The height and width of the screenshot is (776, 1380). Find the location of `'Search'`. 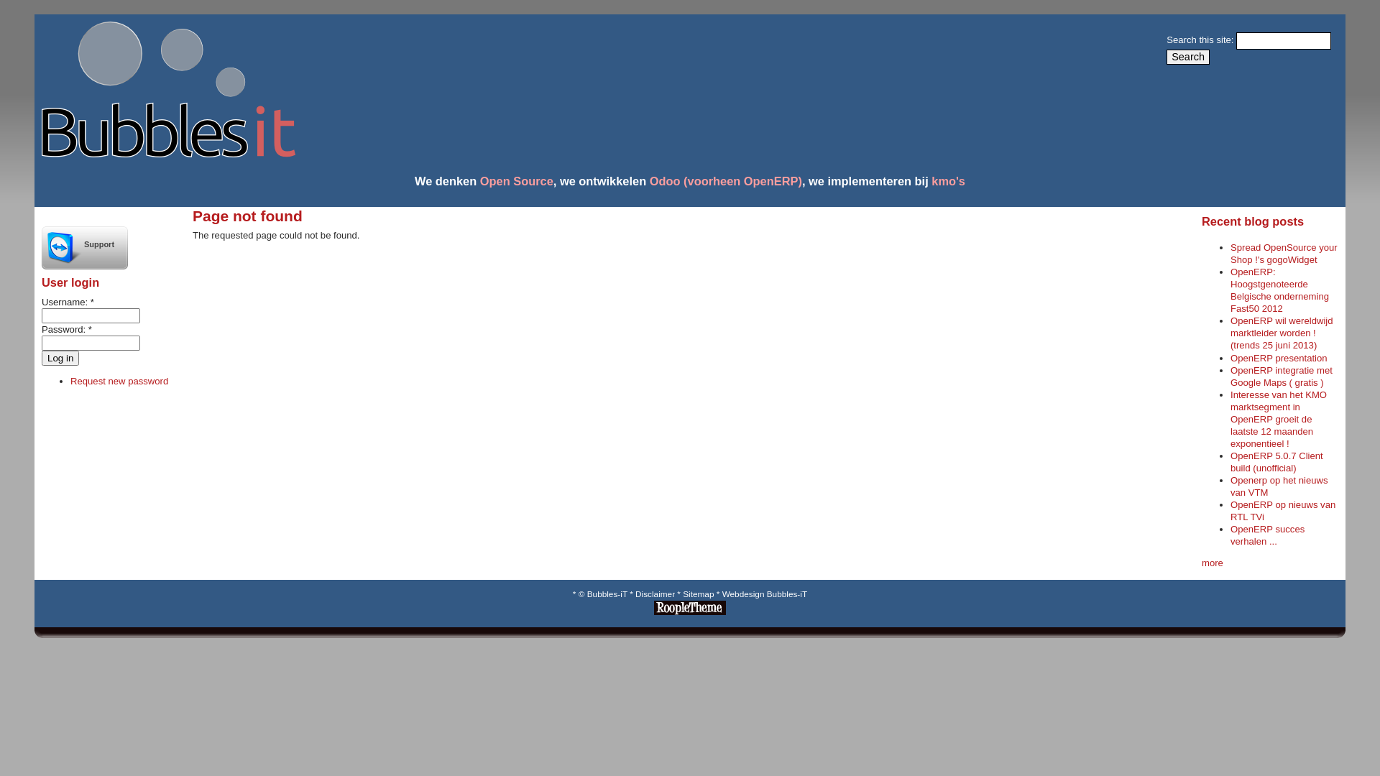

'Search' is located at coordinates (1166, 57).